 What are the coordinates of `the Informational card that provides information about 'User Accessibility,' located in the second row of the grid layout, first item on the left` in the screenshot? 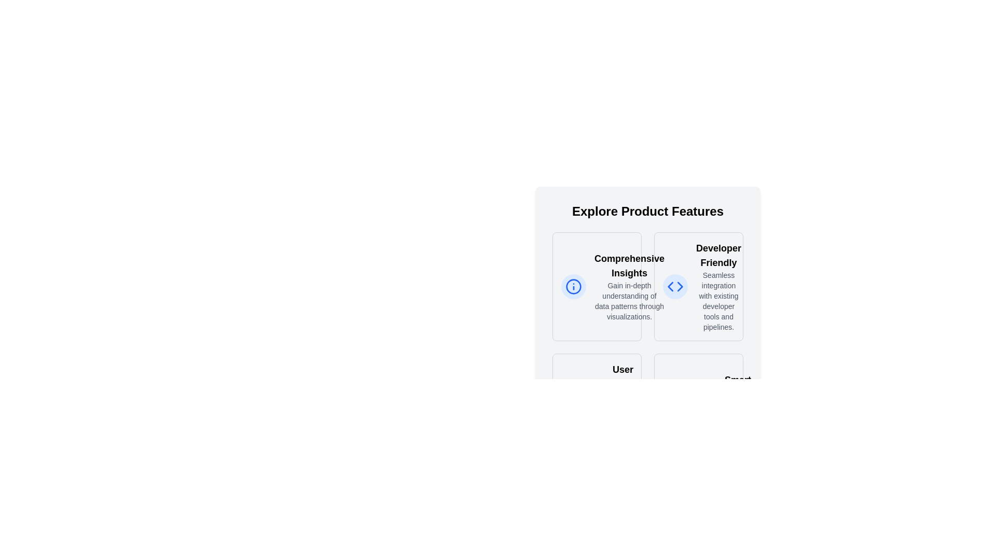 It's located at (597, 397).